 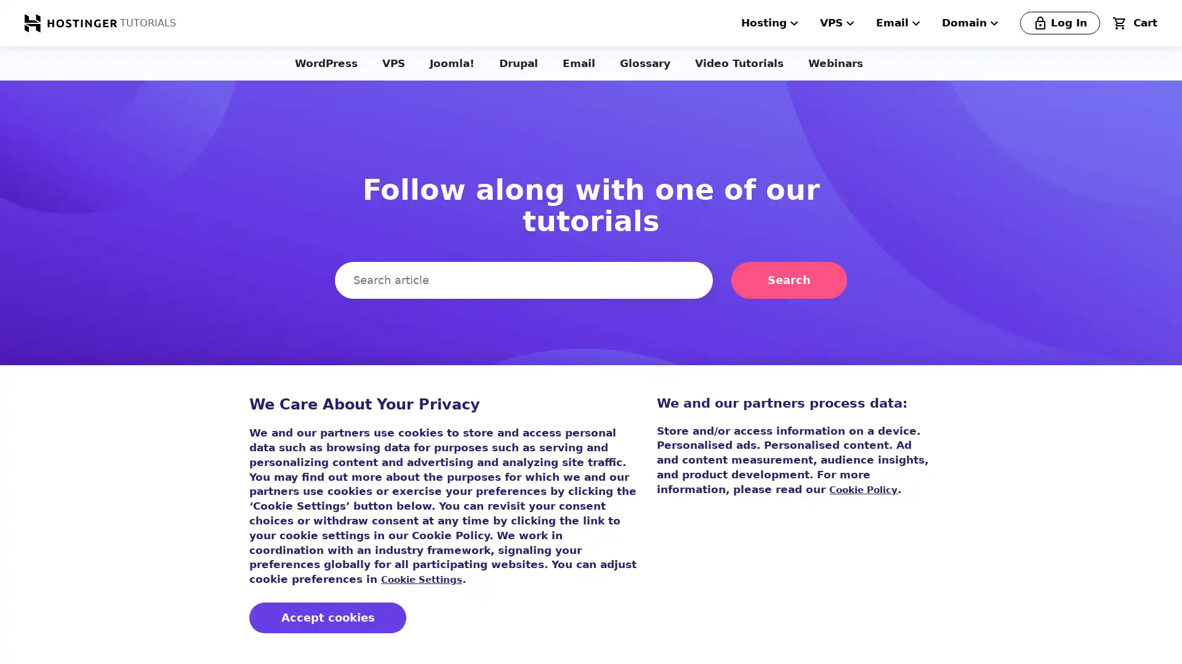 What do you see at coordinates (328, 618) in the screenshot?
I see `Accept cookies` at bounding box center [328, 618].